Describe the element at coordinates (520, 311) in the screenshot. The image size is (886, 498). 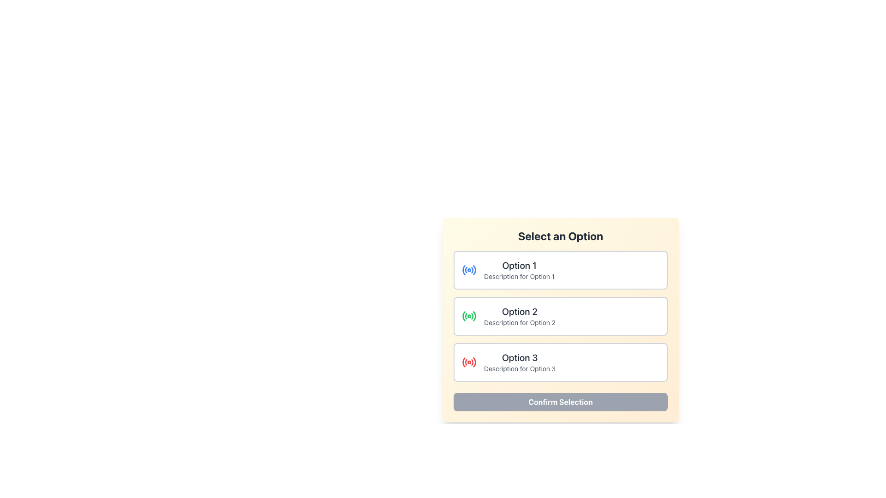
I see `the text element that displays 'Option 2', which is styled in a bold, larger font and is centrally aligned within its section, located between 'Option 1' and 'Option 3'` at that location.